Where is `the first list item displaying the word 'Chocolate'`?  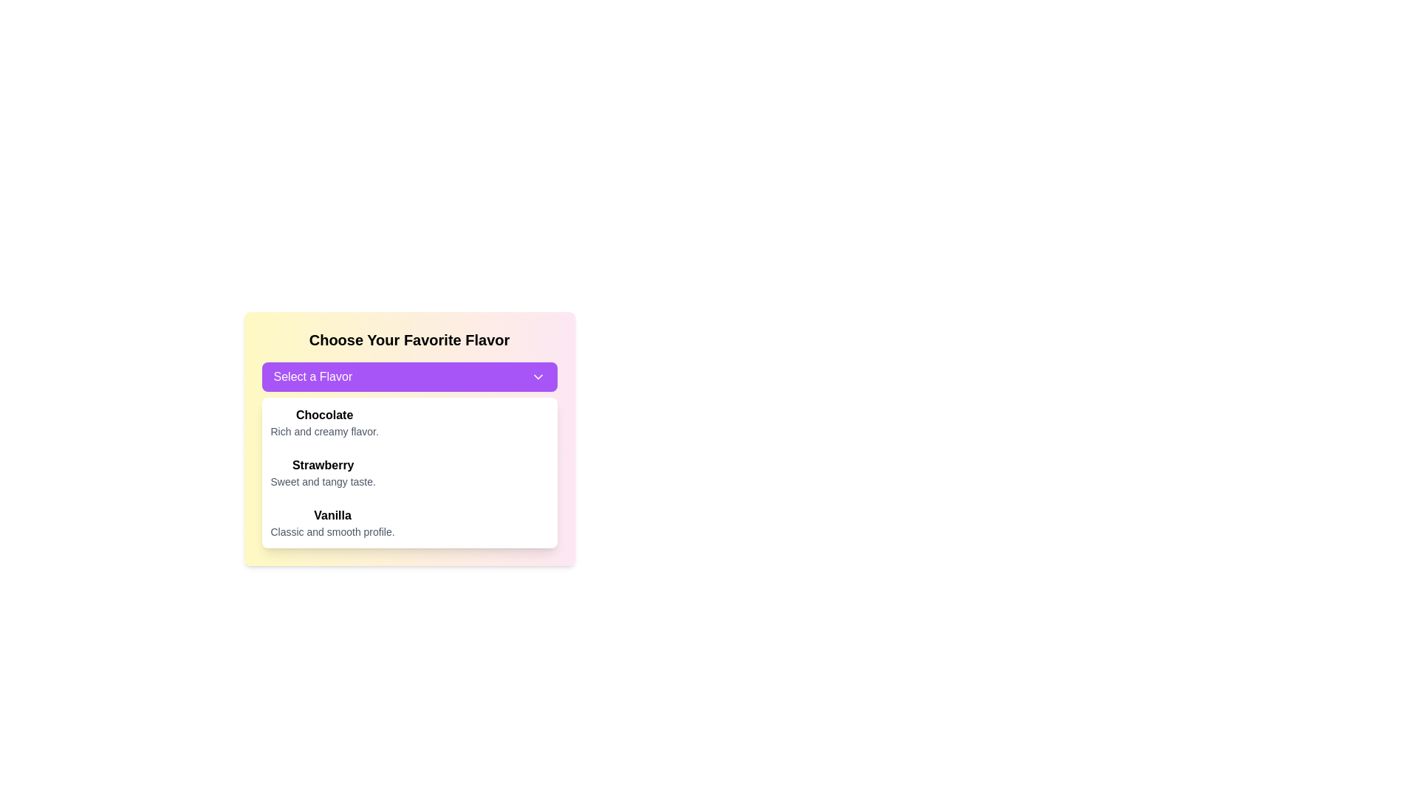
the first list item displaying the word 'Chocolate' is located at coordinates (409, 423).